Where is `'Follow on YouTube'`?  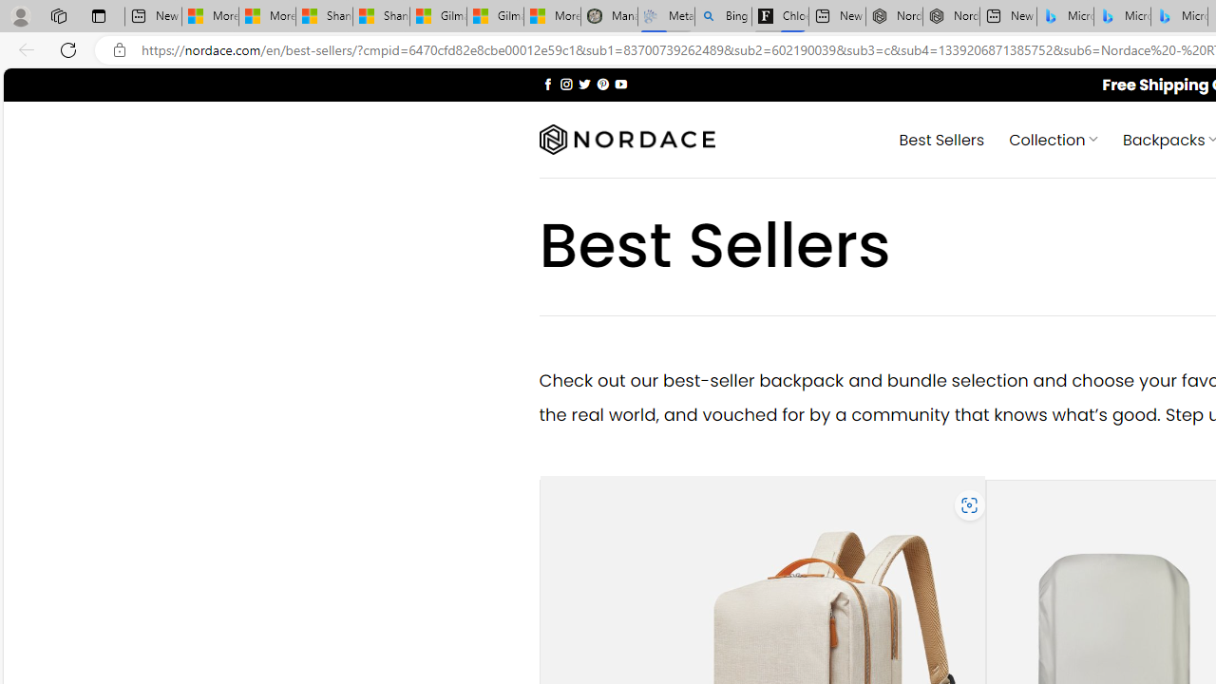
'Follow on YouTube' is located at coordinates (620, 83).